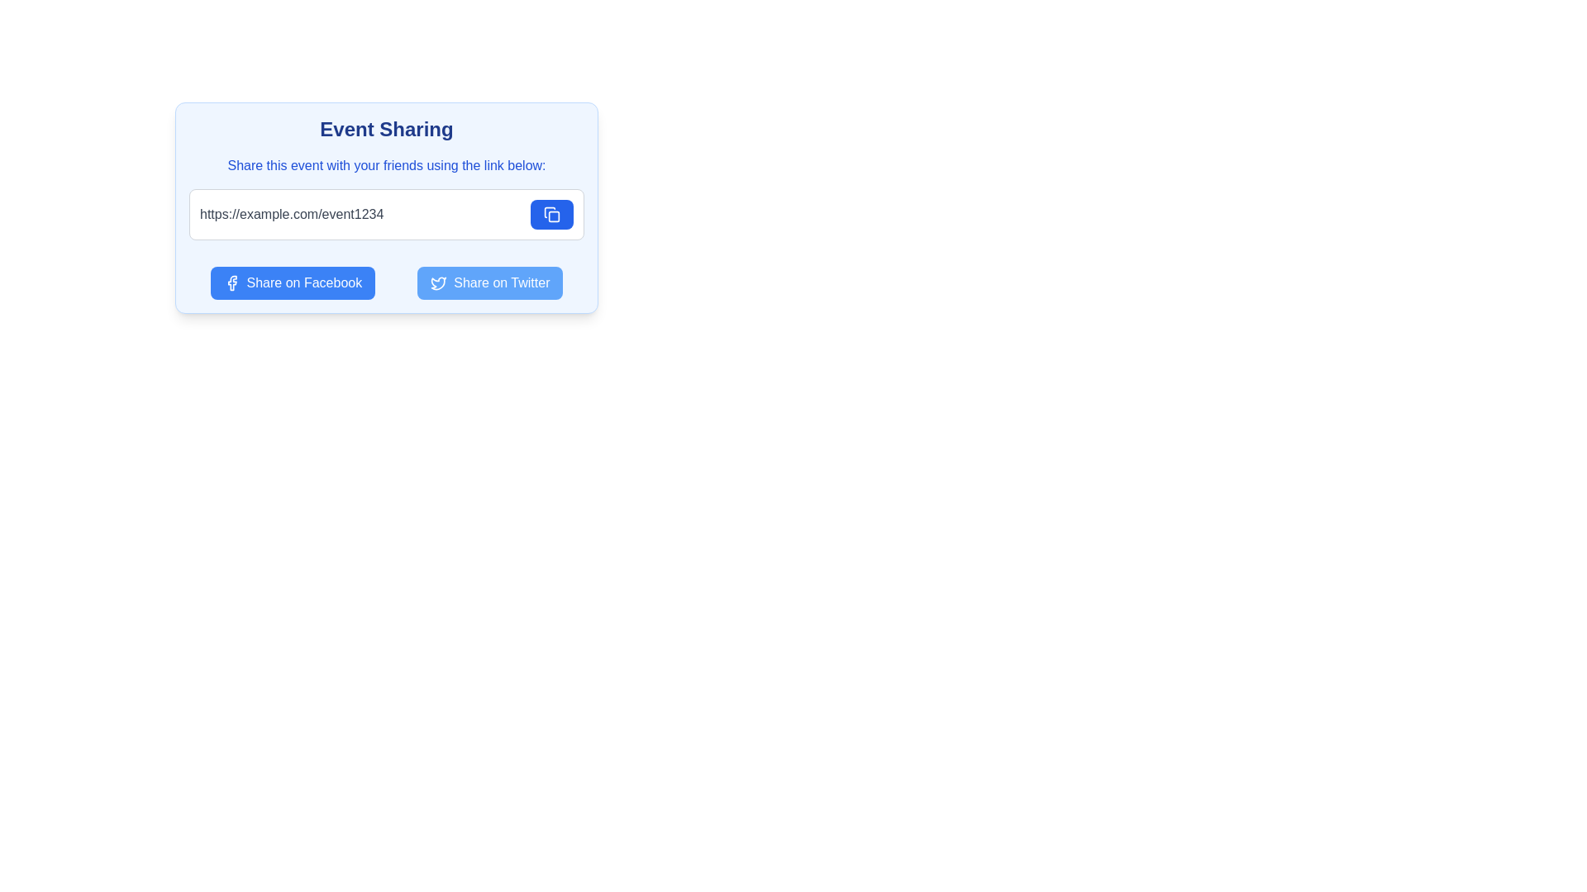 This screenshot has height=892, width=1587. What do you see at coordinates (293, 282) in the screenshot?
I see `the Facebook share button located at the bottom section of the card-like UI component` at bounding box center [293, 282].